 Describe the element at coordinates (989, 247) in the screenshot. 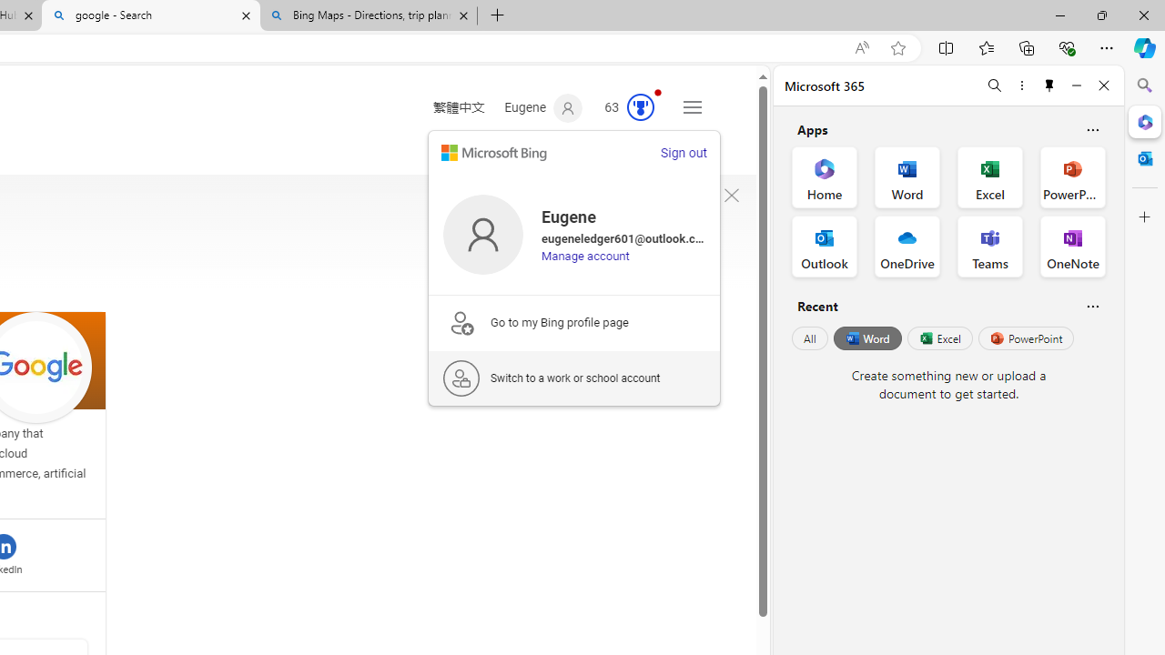

I see `'Teams Office App'` at that location.